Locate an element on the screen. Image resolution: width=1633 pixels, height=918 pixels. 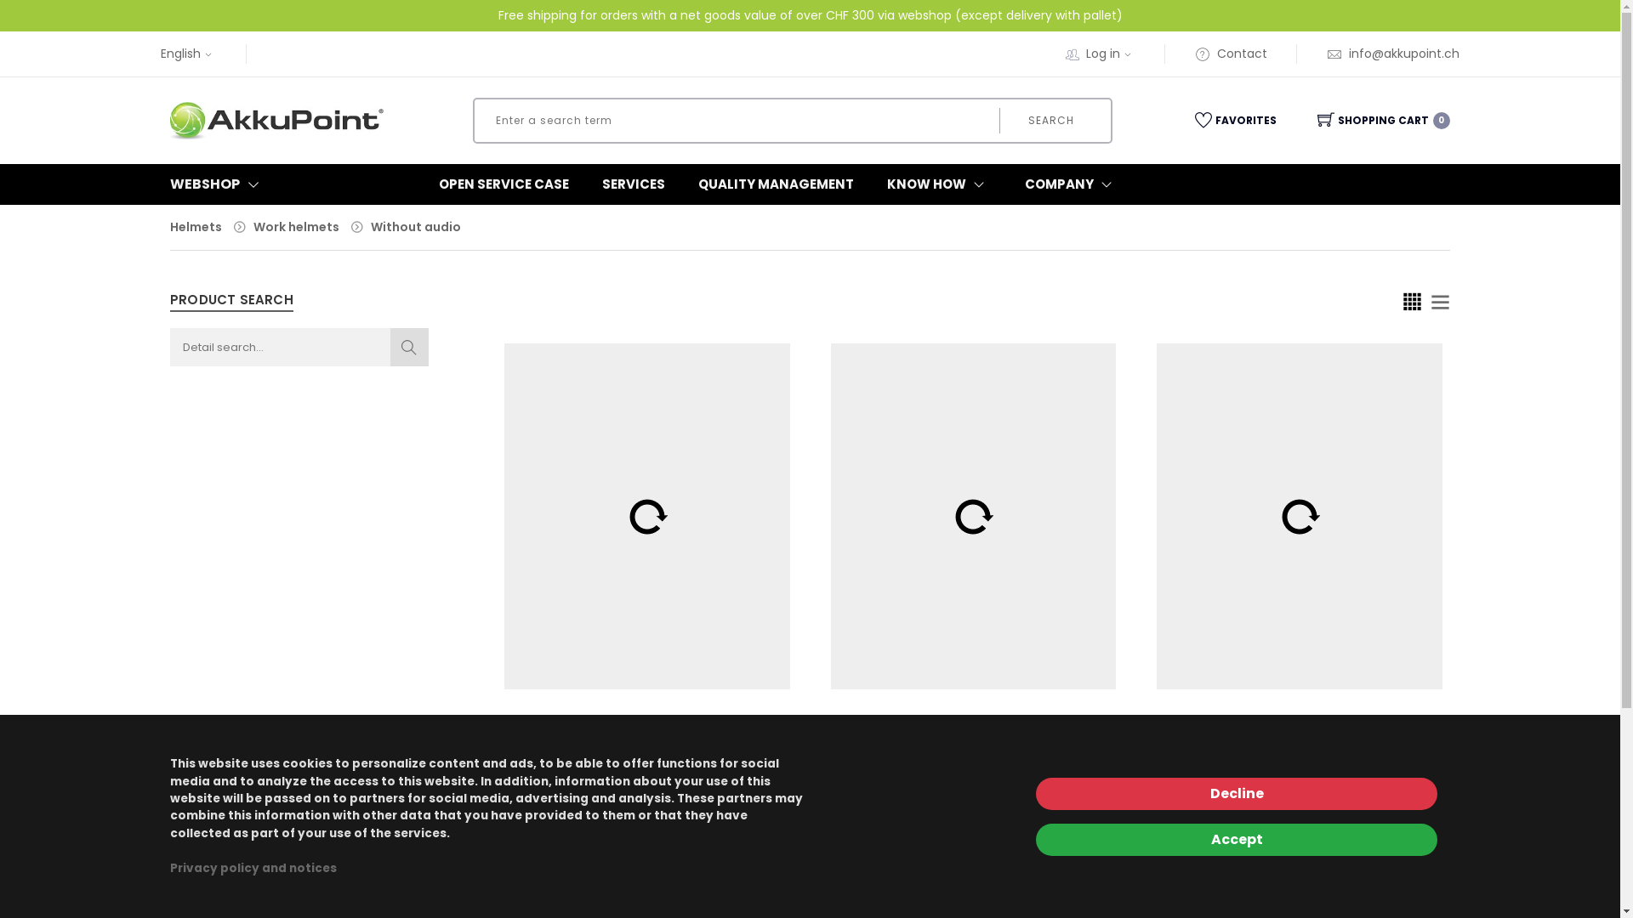
'Work helmets' is located at coordinates (296, 225).